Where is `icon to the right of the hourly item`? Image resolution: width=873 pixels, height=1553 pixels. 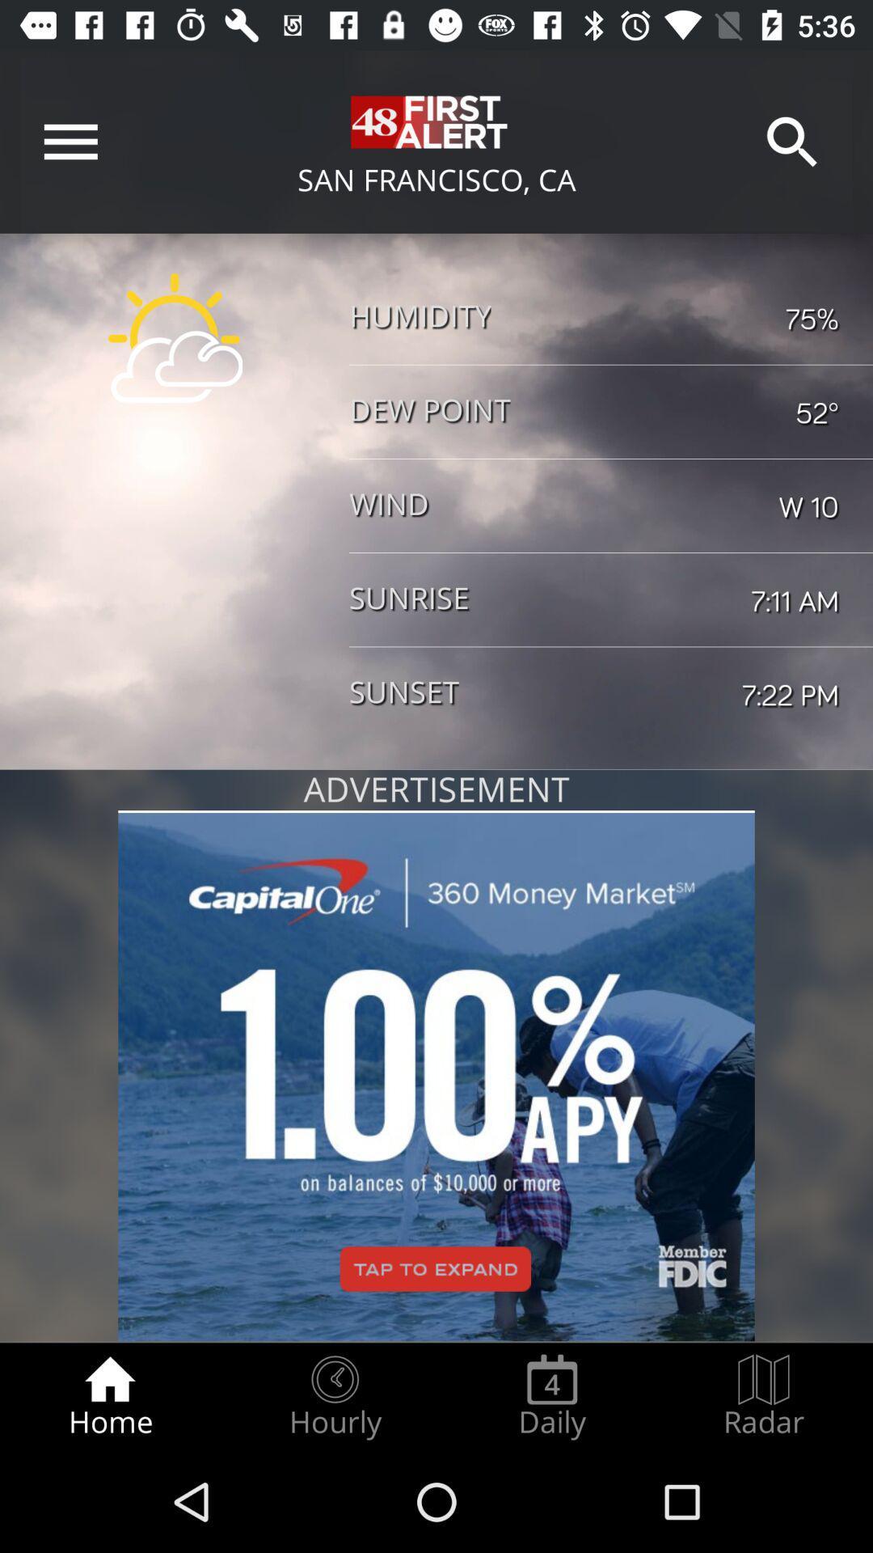 icon to the right of the hourly item is located at coordinates (551, 1396).